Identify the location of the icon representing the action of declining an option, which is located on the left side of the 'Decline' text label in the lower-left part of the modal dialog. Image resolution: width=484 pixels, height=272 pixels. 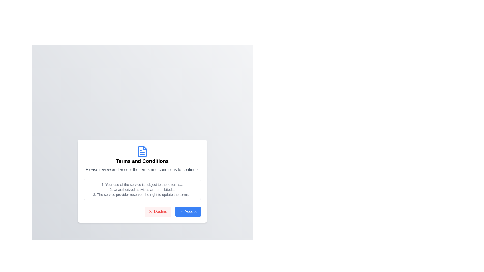
(150, 212).